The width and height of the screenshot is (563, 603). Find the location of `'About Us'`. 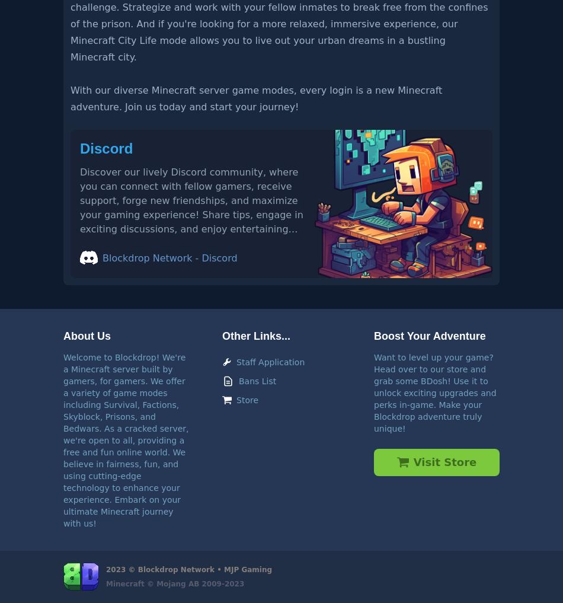

'About Us' is located at coordinates (87, 335).